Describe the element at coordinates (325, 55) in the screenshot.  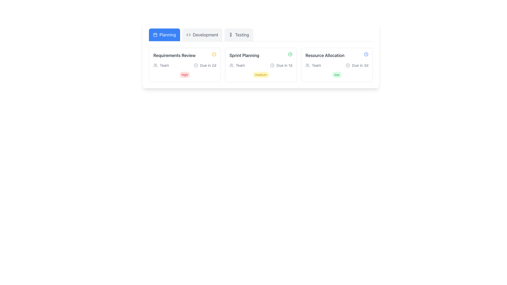
I see `the text label located at the top-right corner of the card, which serves as the title or label for the section` at that location.